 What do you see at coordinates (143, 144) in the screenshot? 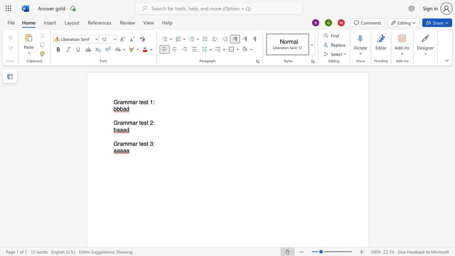
I see `the space between the continuous character "e" and "s" in the text` at bounding box center [143, 144].